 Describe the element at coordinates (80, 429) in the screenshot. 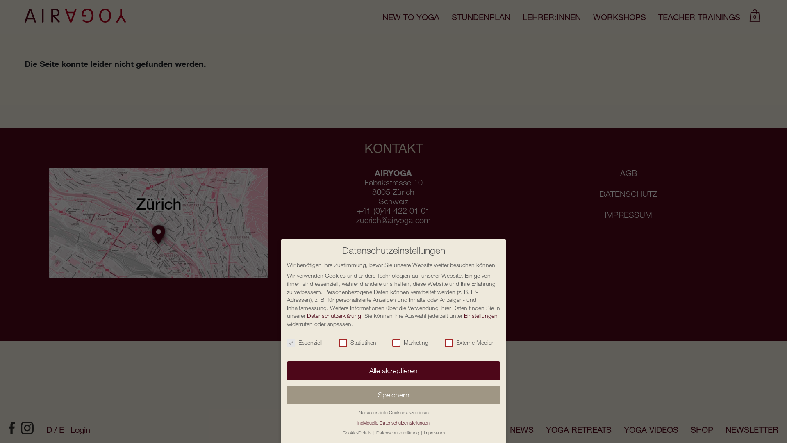

I see `'Login'` at that location.